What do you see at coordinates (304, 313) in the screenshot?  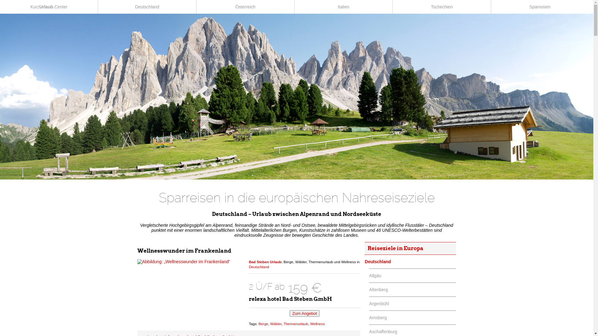 I see `'Zum Angebot'` at bounding box center [304, 313].